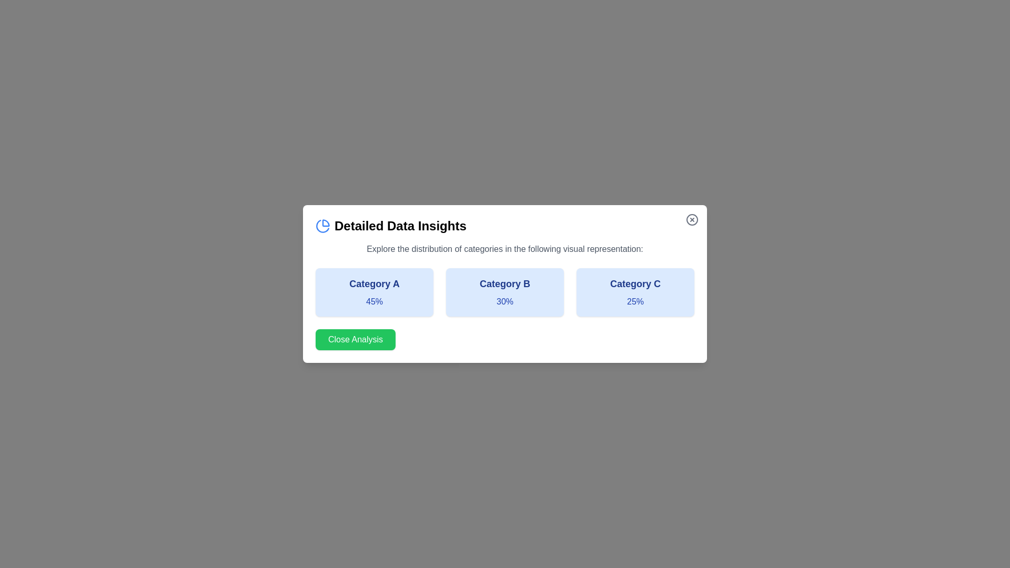 This screenshot has width=1010, height=568. What do you see at coordinates (505, 249) in the screenshot?
I see `the Text Description element which is centrally positioned underneath the bolded title 'Detailed Data Insights'` at bounding box center [505, 249].